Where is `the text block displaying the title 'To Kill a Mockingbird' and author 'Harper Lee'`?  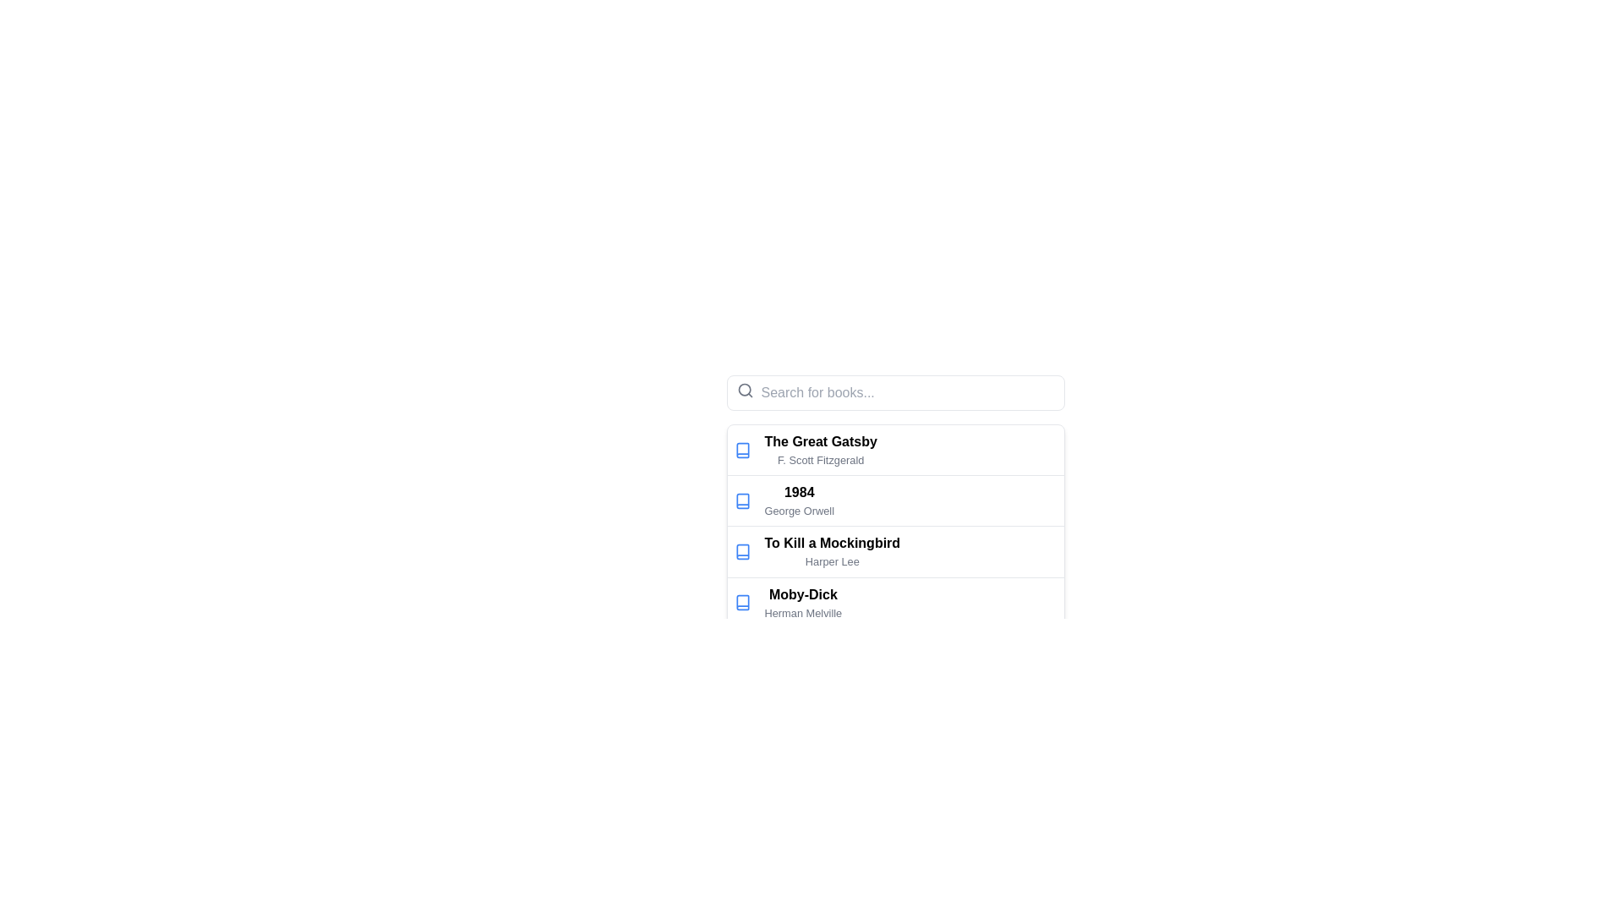
the text block displaying the title 'To Kill a Mockingbird' and author 'Harper Lee' is located at coordinates (832, 551).